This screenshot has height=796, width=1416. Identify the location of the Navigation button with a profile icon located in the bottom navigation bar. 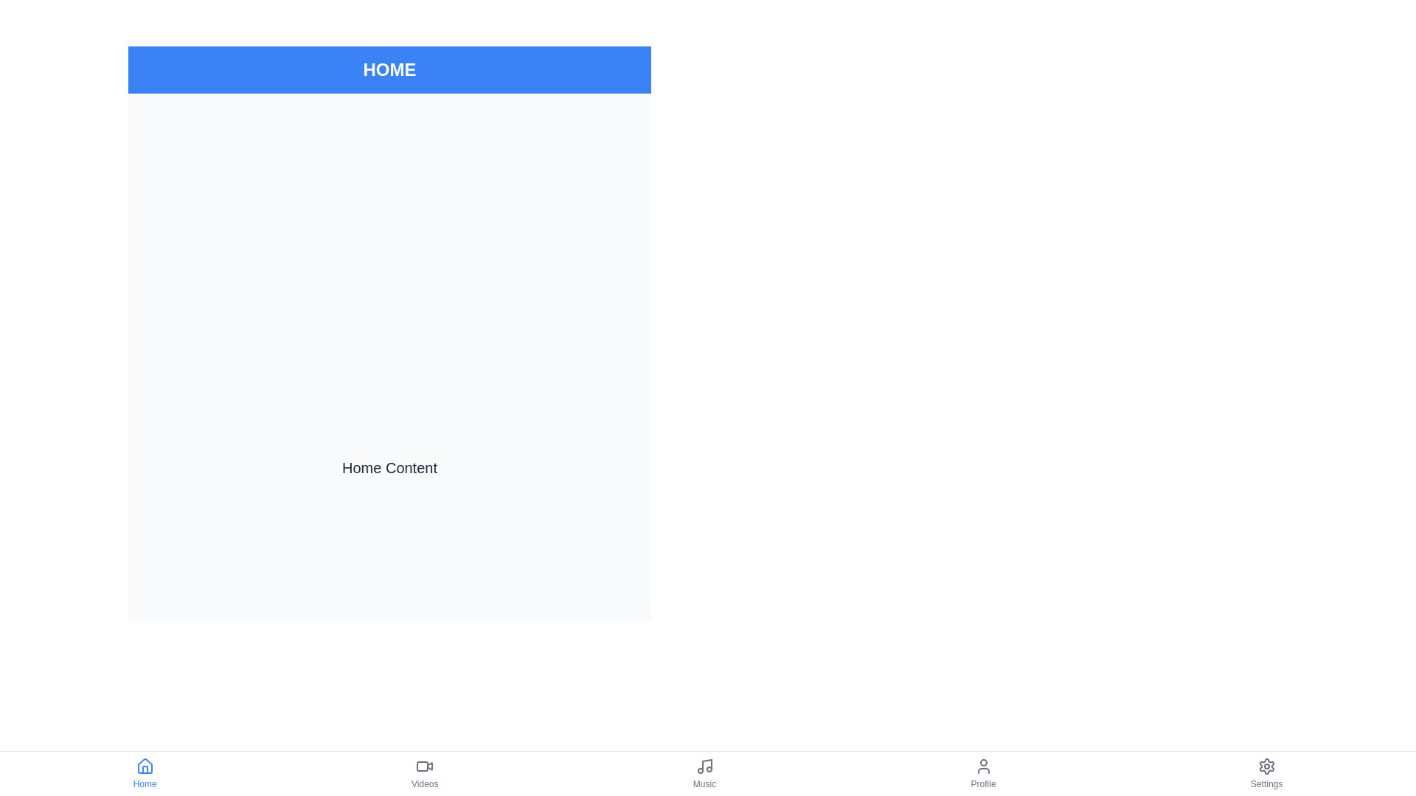
(983, 772).